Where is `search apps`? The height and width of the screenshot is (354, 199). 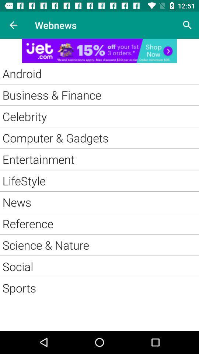
search apps is located at coordinates (187, 25).